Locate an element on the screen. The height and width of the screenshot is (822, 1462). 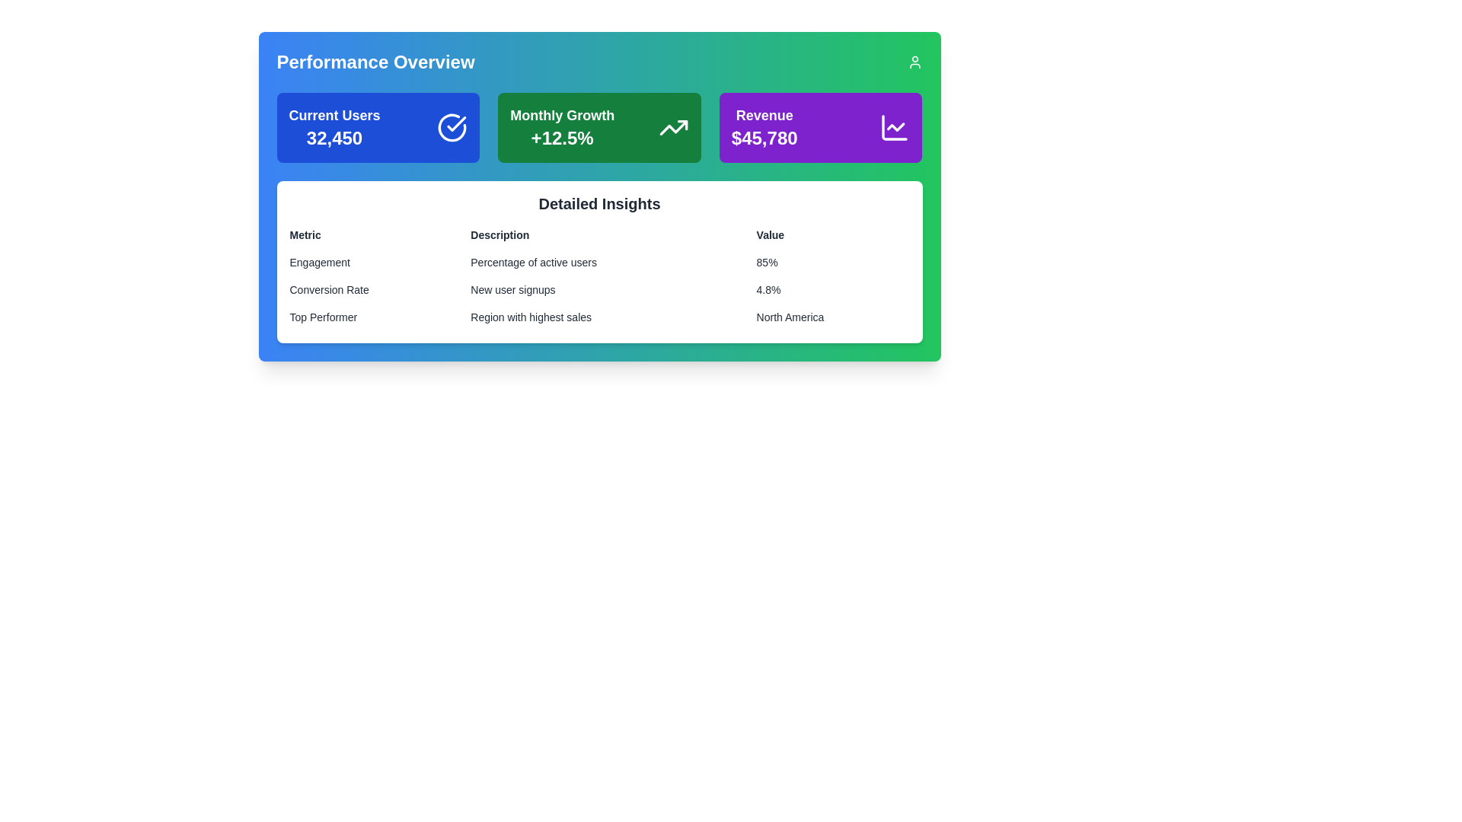
the 'Monthly Growth' text element is located at coordinates (561, 127).